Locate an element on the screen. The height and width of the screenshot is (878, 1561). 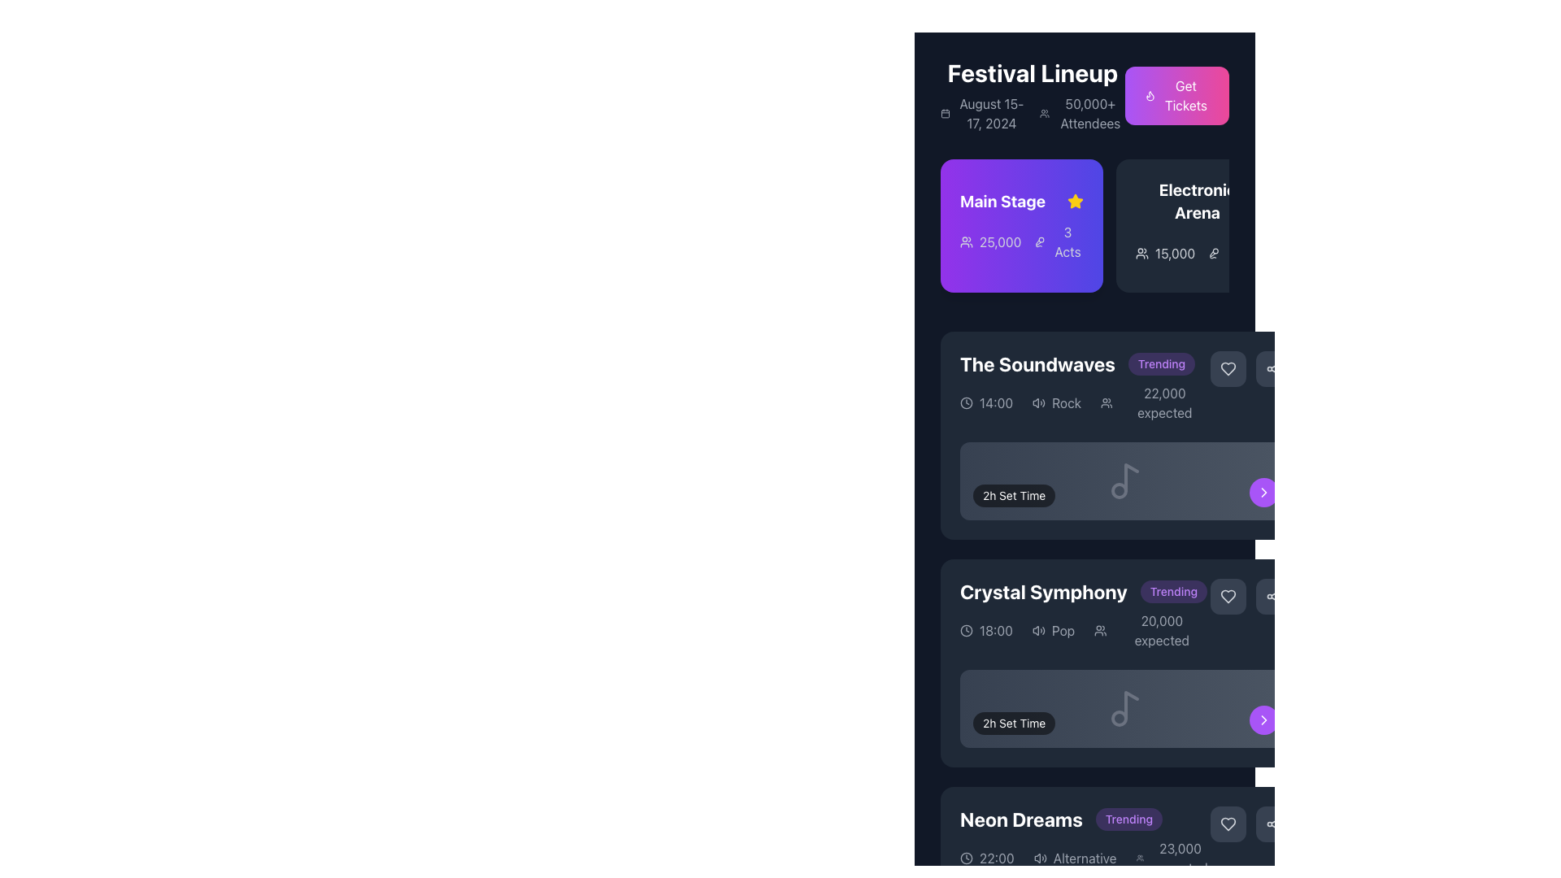
the speaker icon that emits sound waves, positioned to the left of the 'Rock' text in the music genre interface is located at coordinates (1038, 402).